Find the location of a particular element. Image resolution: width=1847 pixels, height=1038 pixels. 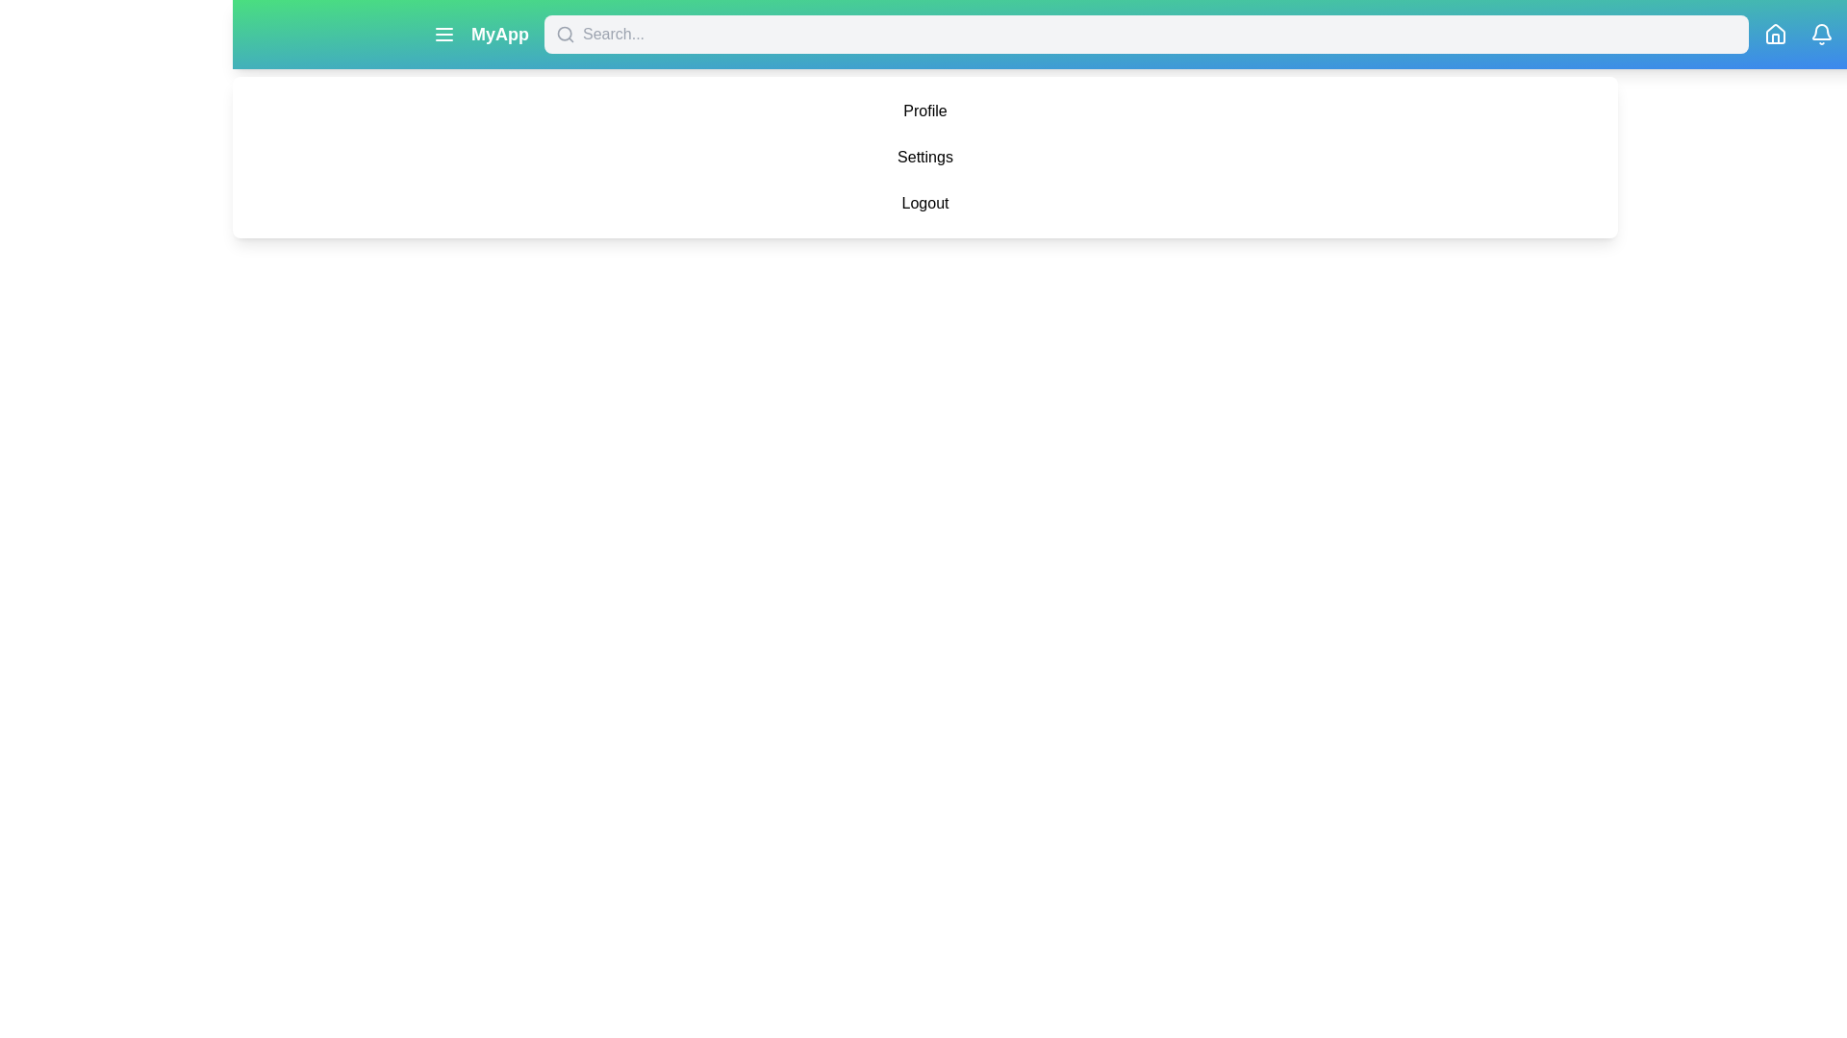

the user profile button located at the top-center of the dropdown panel is located at coordinates (924, 111).